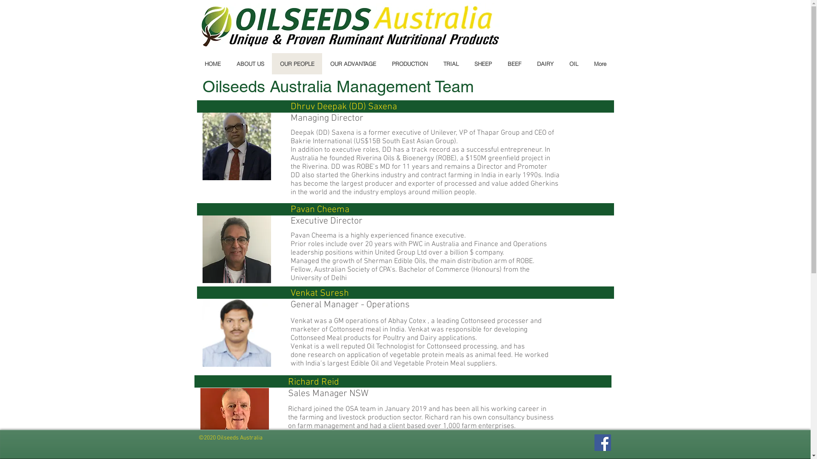  What do you see at coordinates (573, 63) in the screenshot?
I see `'OIL'` at bounding box center [573, 63].